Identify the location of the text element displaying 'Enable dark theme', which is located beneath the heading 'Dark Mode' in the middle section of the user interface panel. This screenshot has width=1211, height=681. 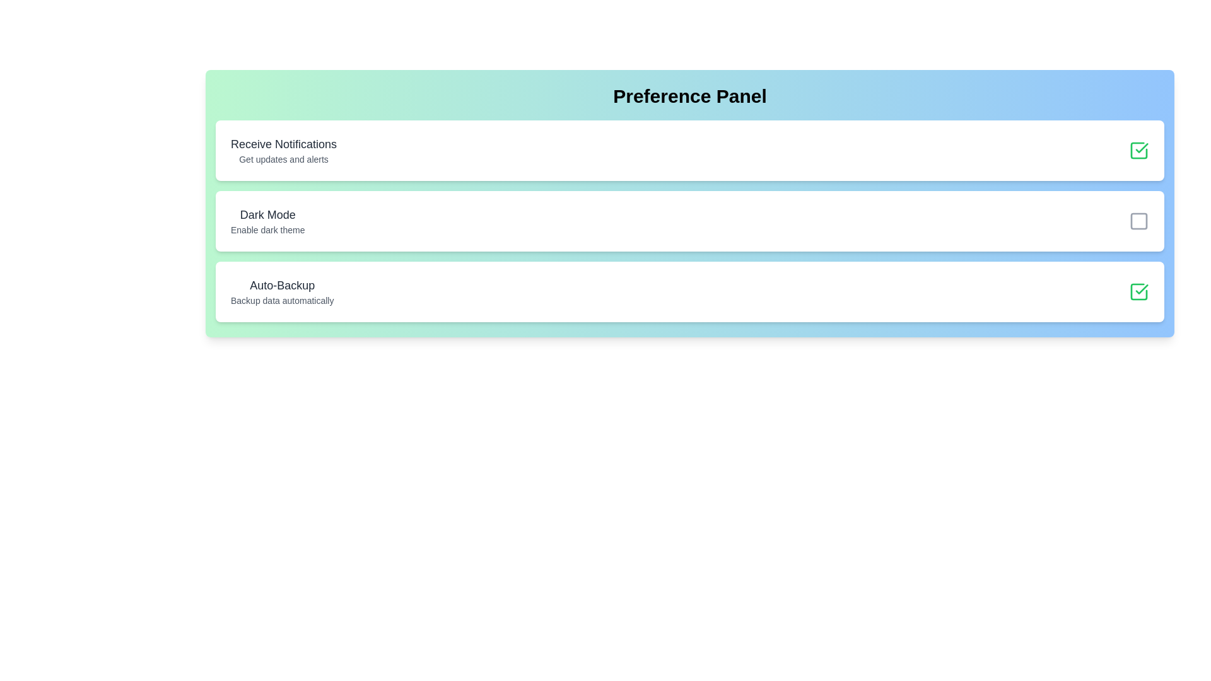
(267, 230).